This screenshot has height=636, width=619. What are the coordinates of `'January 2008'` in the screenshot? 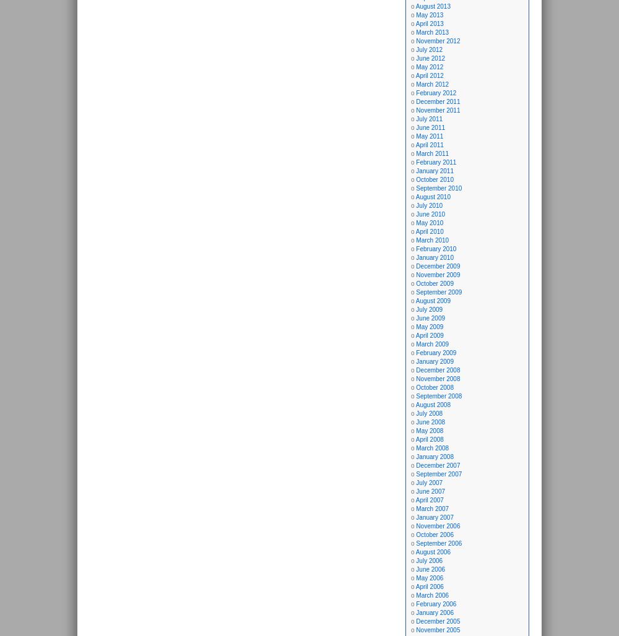 It's located at (416, 456).